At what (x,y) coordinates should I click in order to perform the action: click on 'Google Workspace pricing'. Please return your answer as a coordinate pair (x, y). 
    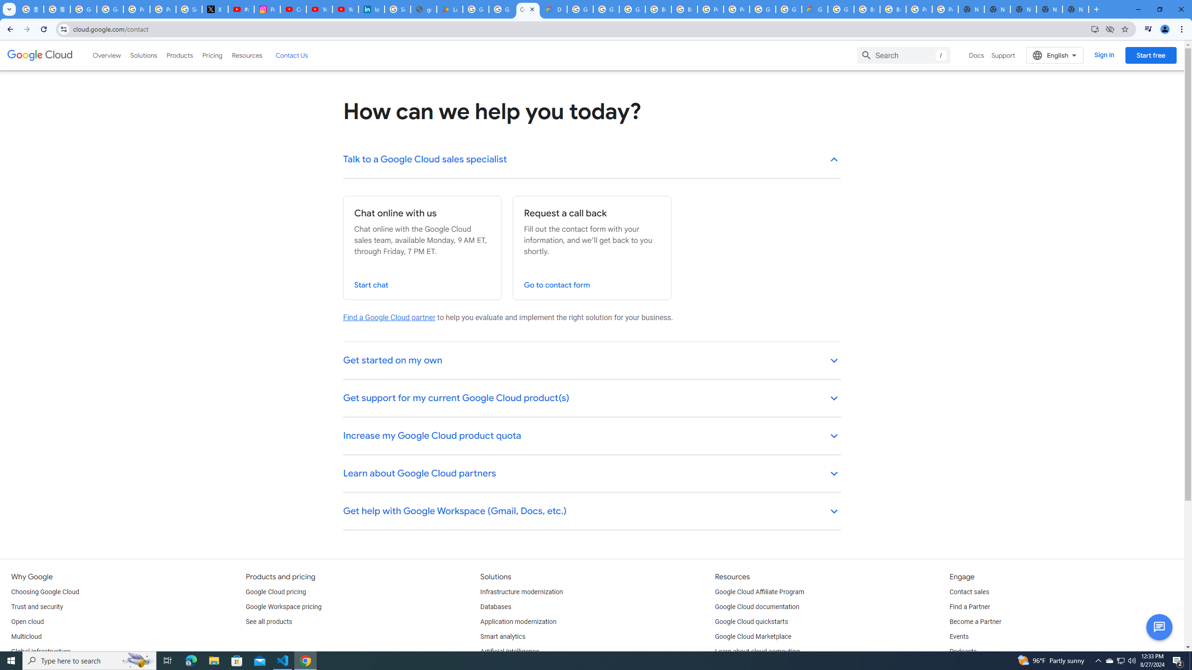
    Looking at the image, I should click on (283, 606).